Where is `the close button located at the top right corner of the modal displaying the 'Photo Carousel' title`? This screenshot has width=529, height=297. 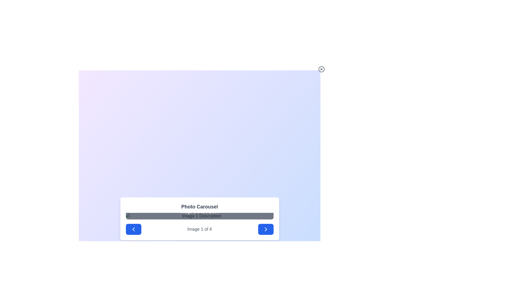 the close button located at the top right corner of the modal displaying the 'Photo Carousel' title is located at coordinates (321, 69).